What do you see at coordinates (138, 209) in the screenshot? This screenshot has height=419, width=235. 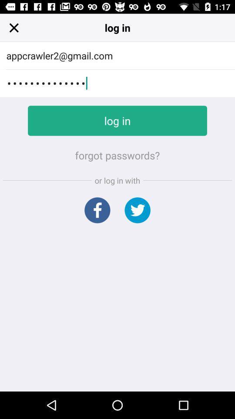 I see `the twitter icon` at bounding box center [138, 209].